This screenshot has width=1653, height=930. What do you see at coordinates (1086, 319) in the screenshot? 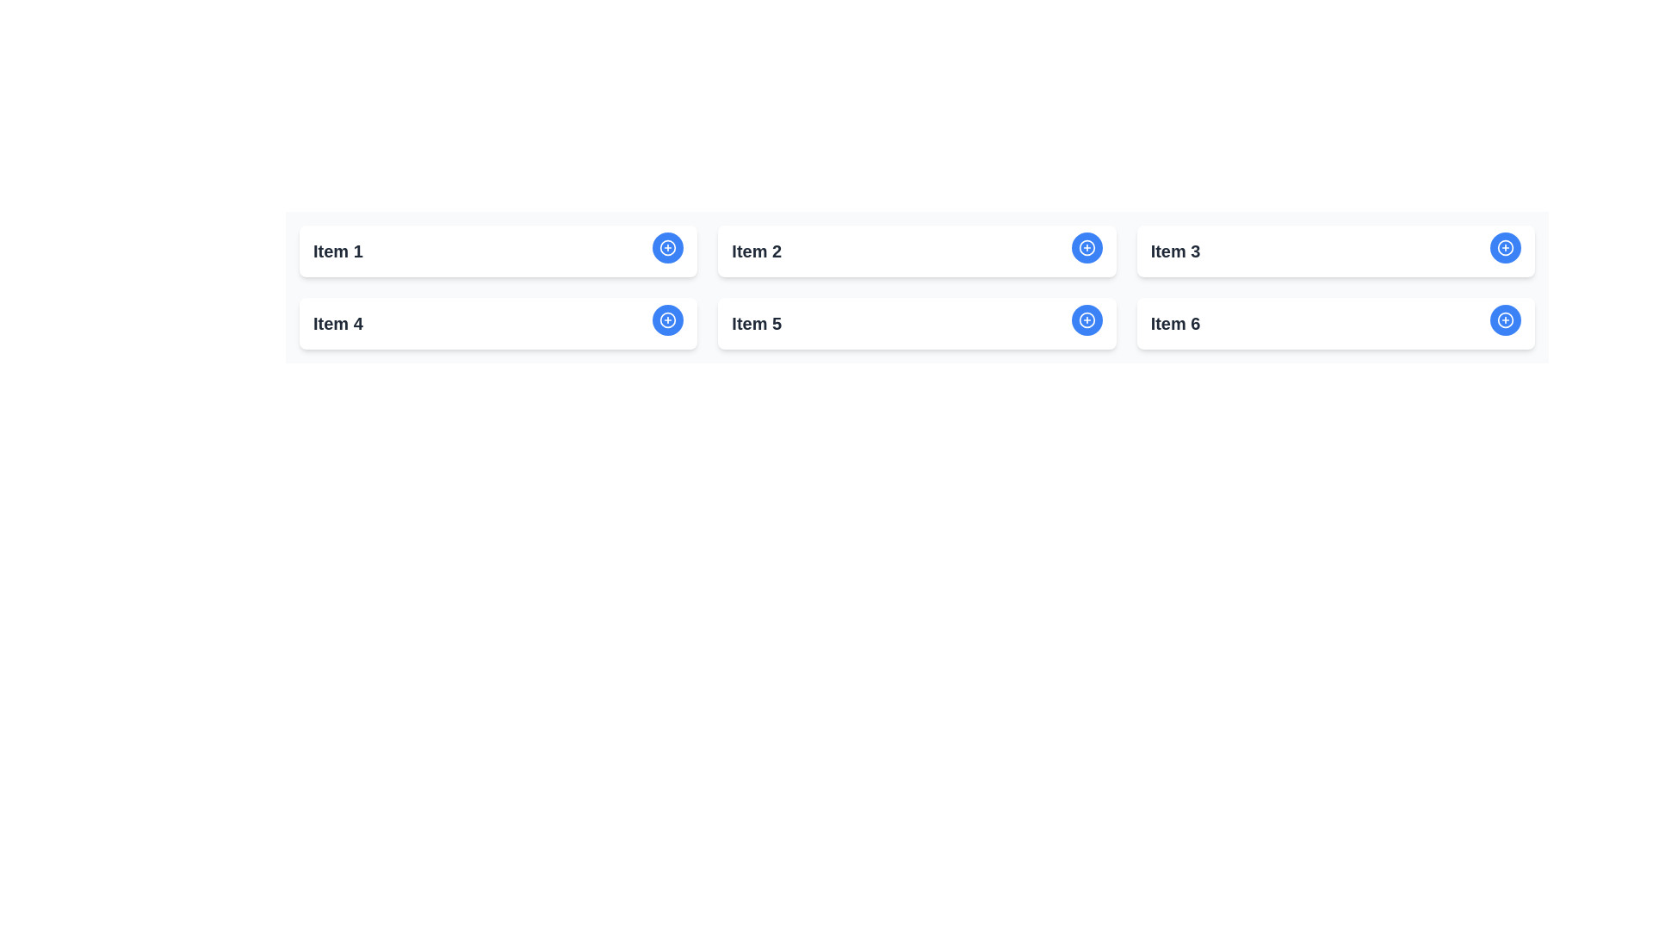
I see `the blue circular button with a white plus symbol in its center located in the bottom-right corner of the 'Item 5' box` at bounding box center [1086, 319].